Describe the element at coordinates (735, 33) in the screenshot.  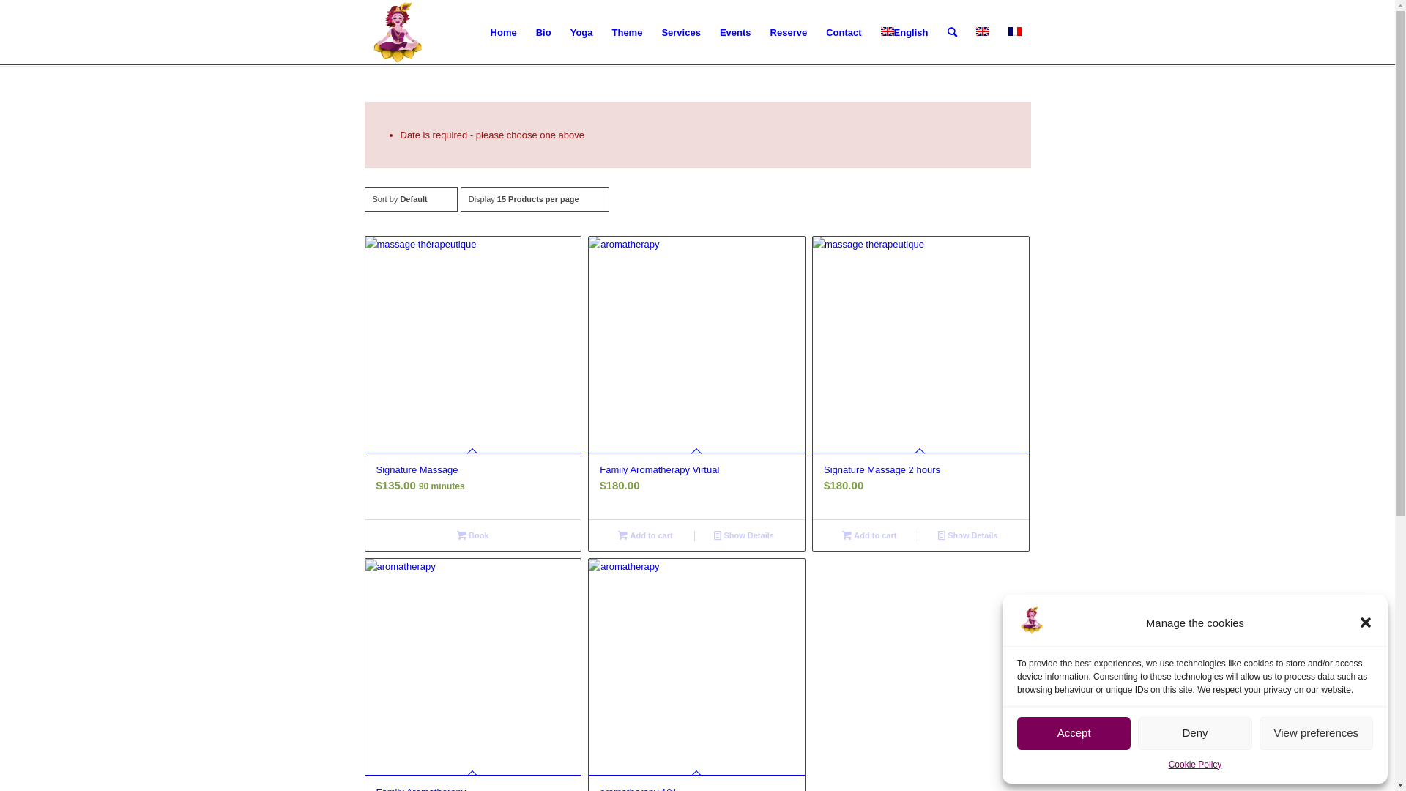
I see `'Events'` at that location.